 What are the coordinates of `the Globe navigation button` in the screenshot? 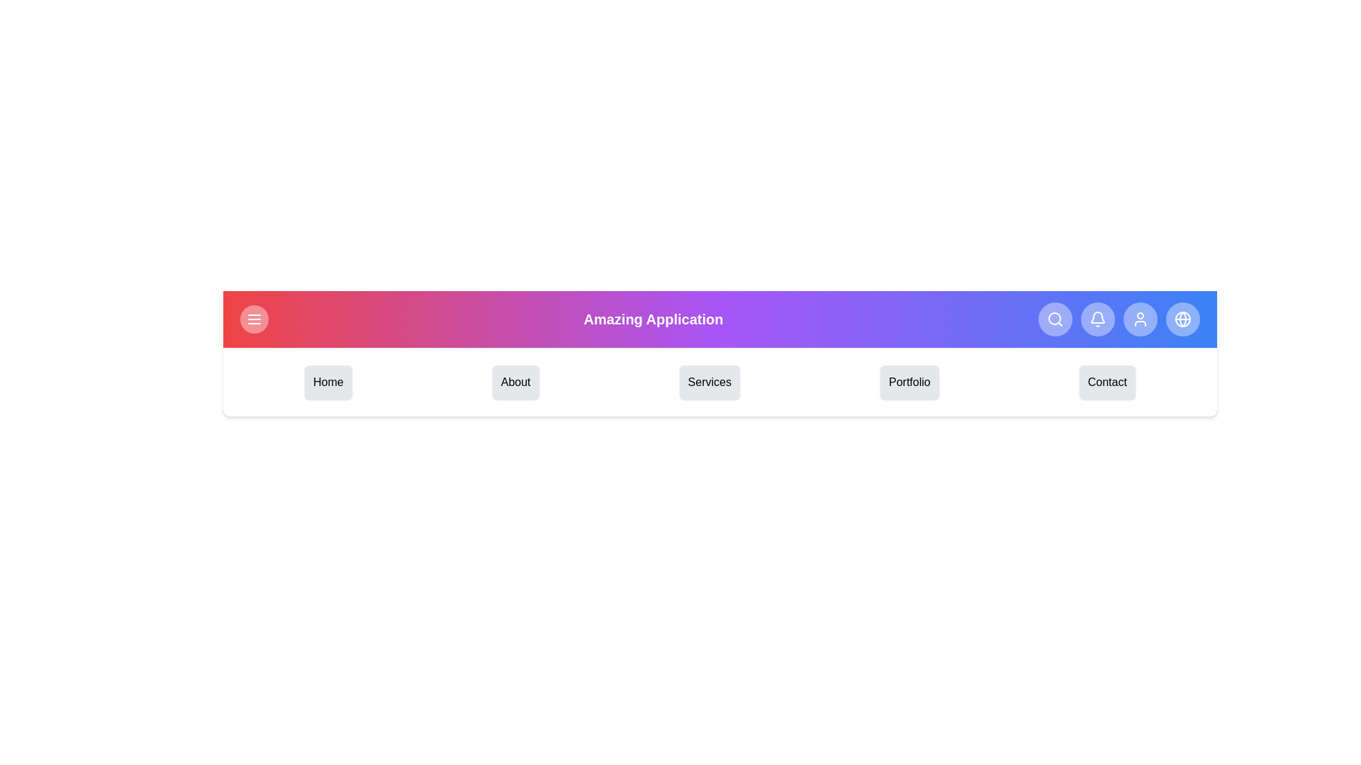 It's located at (1183, 319).